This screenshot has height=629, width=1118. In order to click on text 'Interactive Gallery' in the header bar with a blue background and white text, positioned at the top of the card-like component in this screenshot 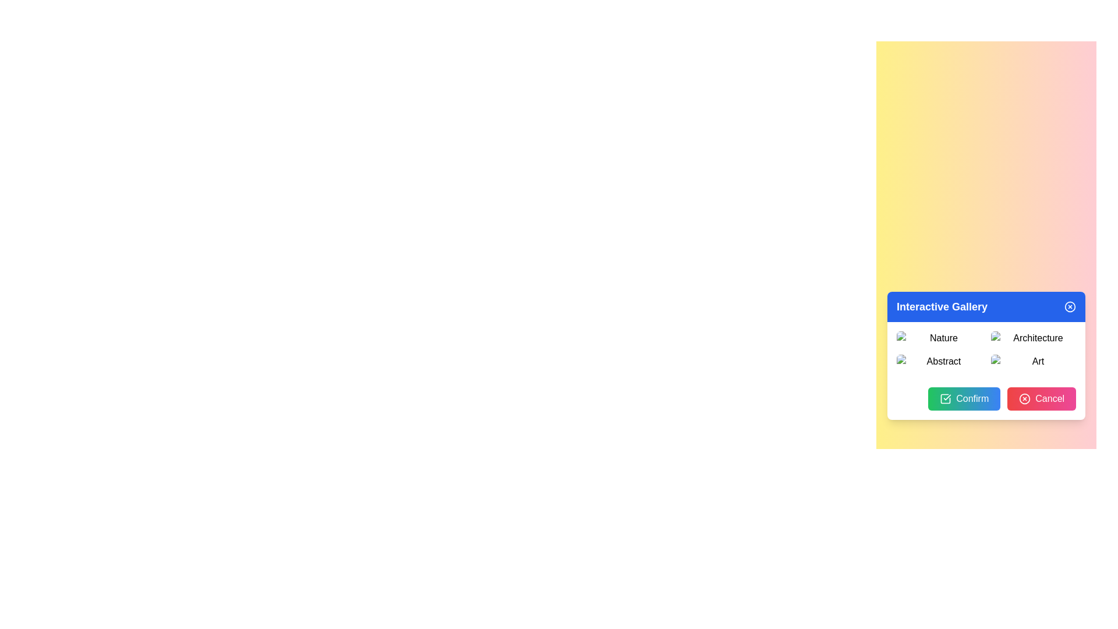, I will do `click(986, 306)`.